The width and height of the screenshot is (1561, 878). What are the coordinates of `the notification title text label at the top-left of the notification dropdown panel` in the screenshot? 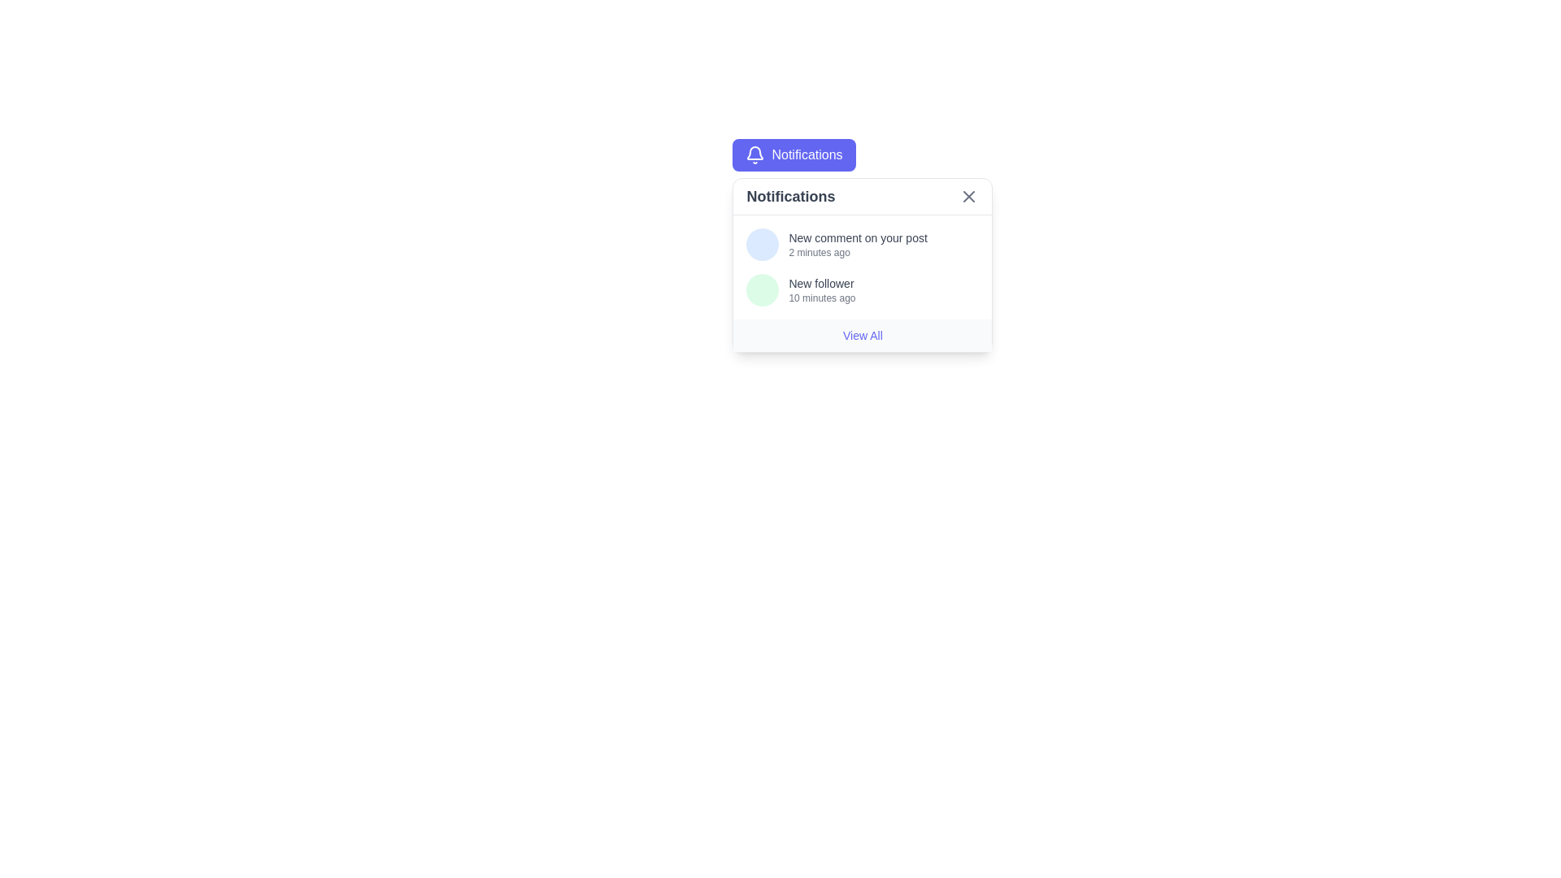 It's located at (790, 196).